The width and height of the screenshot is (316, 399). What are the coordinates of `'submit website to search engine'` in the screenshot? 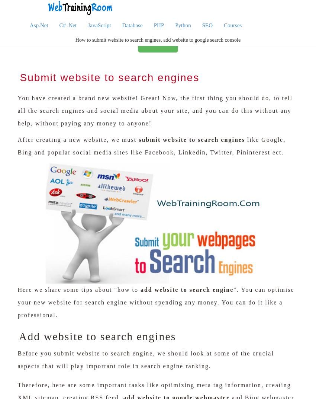 It's located at (54, 352).